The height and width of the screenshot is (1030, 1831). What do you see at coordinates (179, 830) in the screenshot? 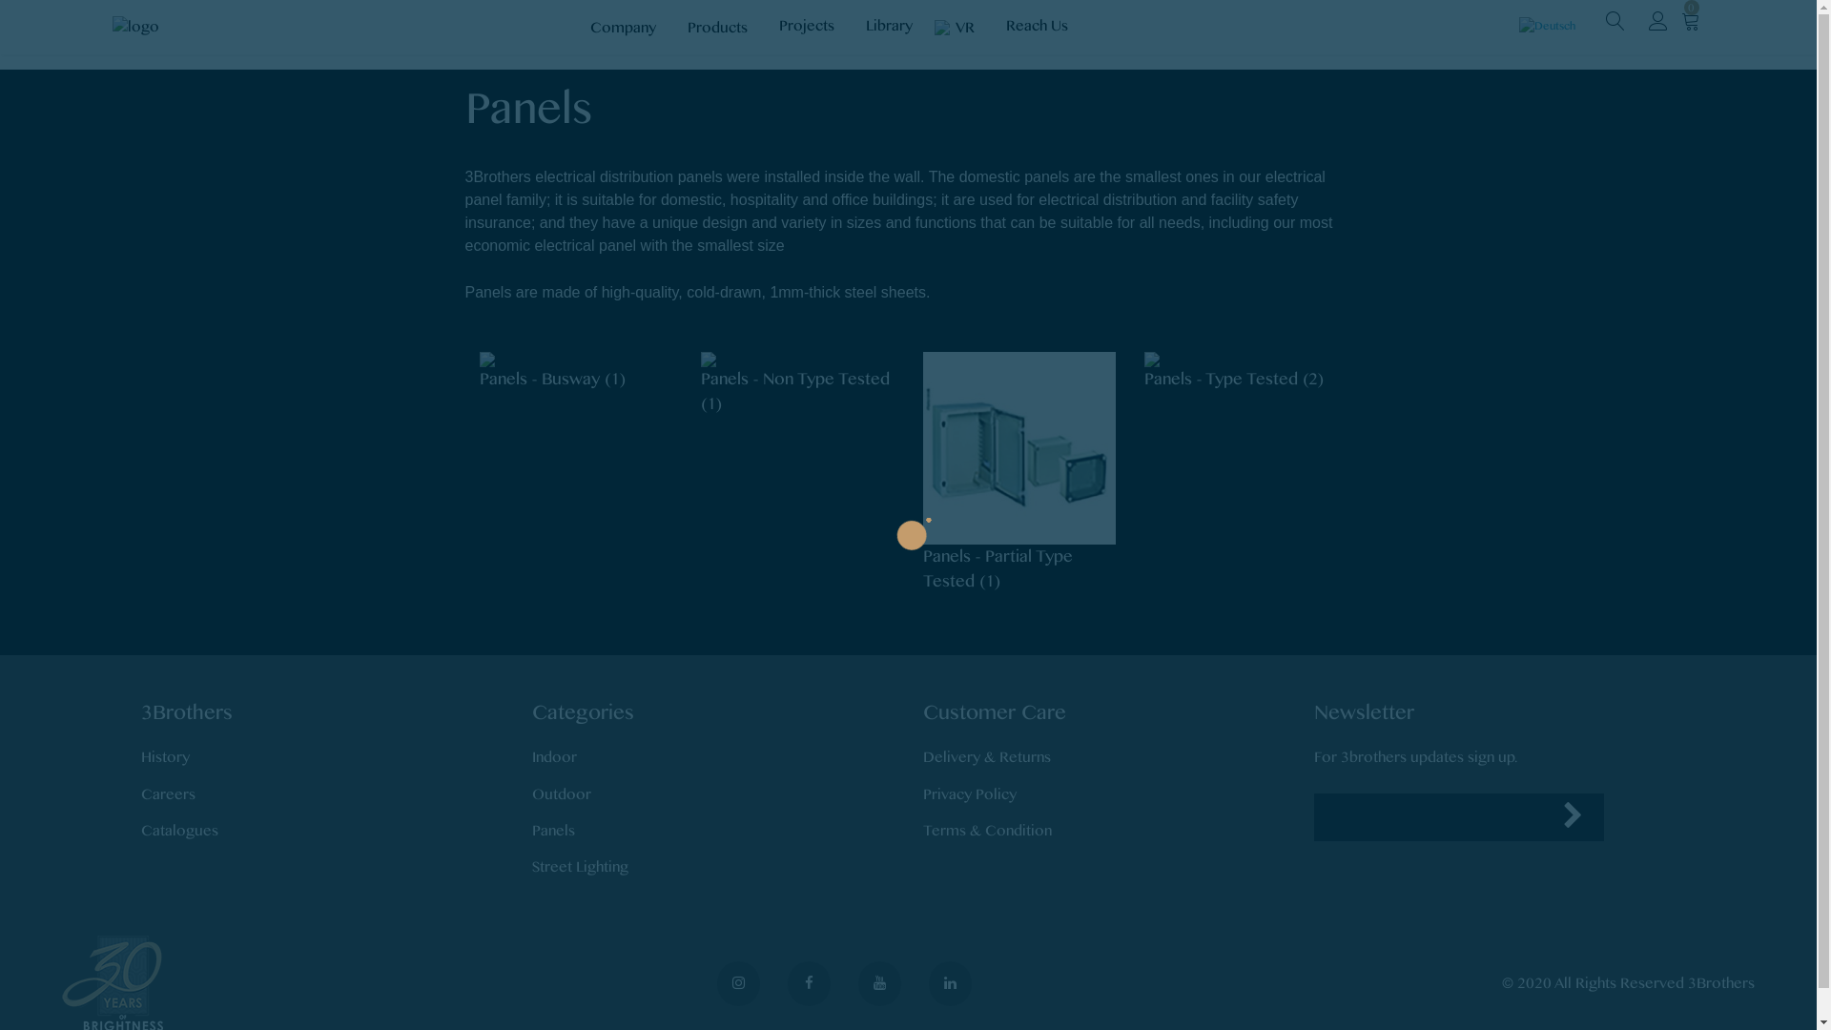
I see `'Catalogues'` at bounding box center [179, 830].